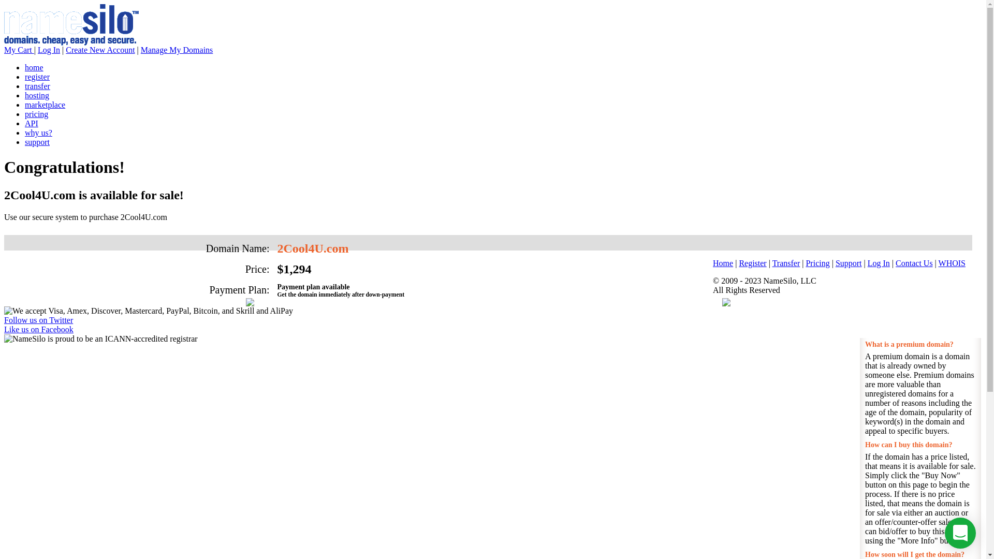 The height and width of the screenshot is (559, 994). I want to click on 'pricing', so click(36, 114).